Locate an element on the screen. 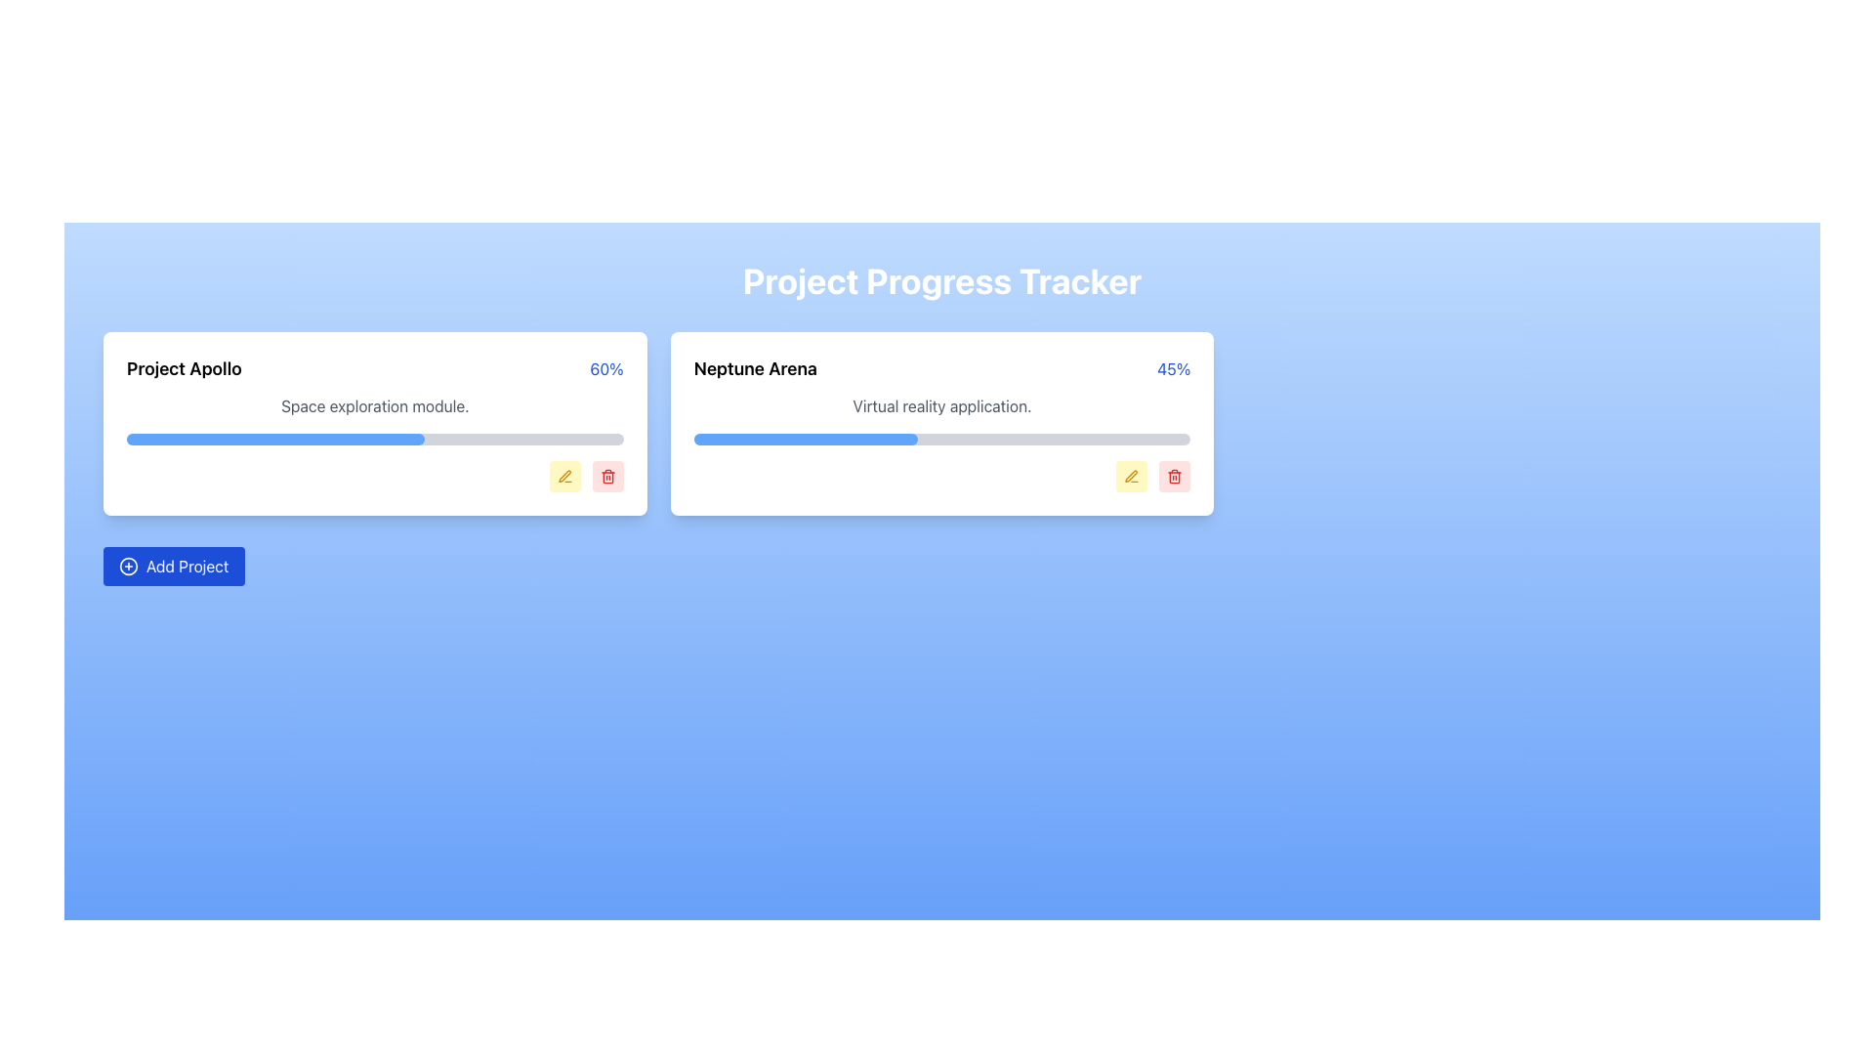 The height and width of the screenshot is (1055, 1875). the progress bar representing 45% completion for the 'Neptune Arena' project located below the project title and description is located at coordinates (941, 440).